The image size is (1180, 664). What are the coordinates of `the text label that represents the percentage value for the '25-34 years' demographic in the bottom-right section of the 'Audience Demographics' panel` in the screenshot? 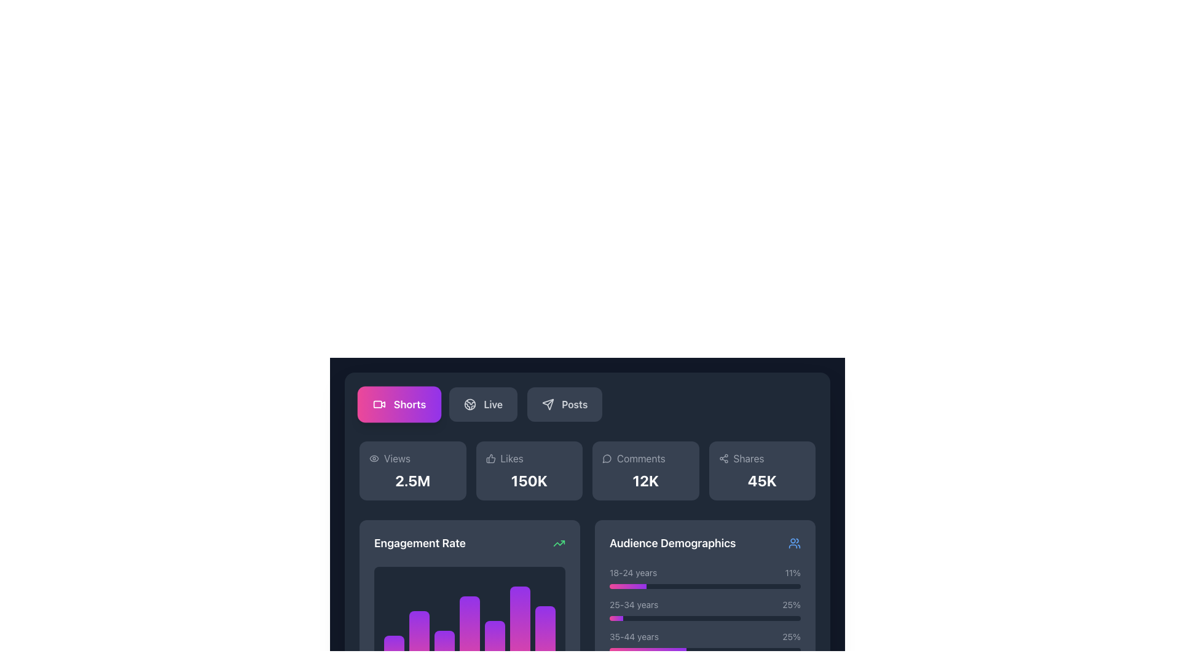 It's located at (792, 604).